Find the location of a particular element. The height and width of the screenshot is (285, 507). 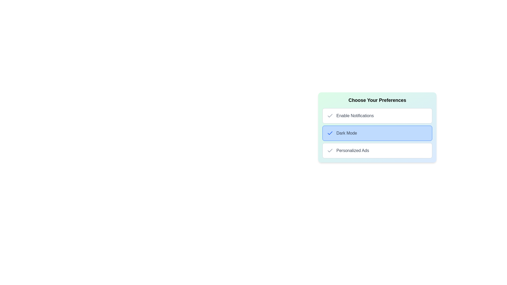

text label centered inside the blue button labeled 'Dark Mode', which is the second option in the vertical list of preference items is located at coordinates (347, 133).